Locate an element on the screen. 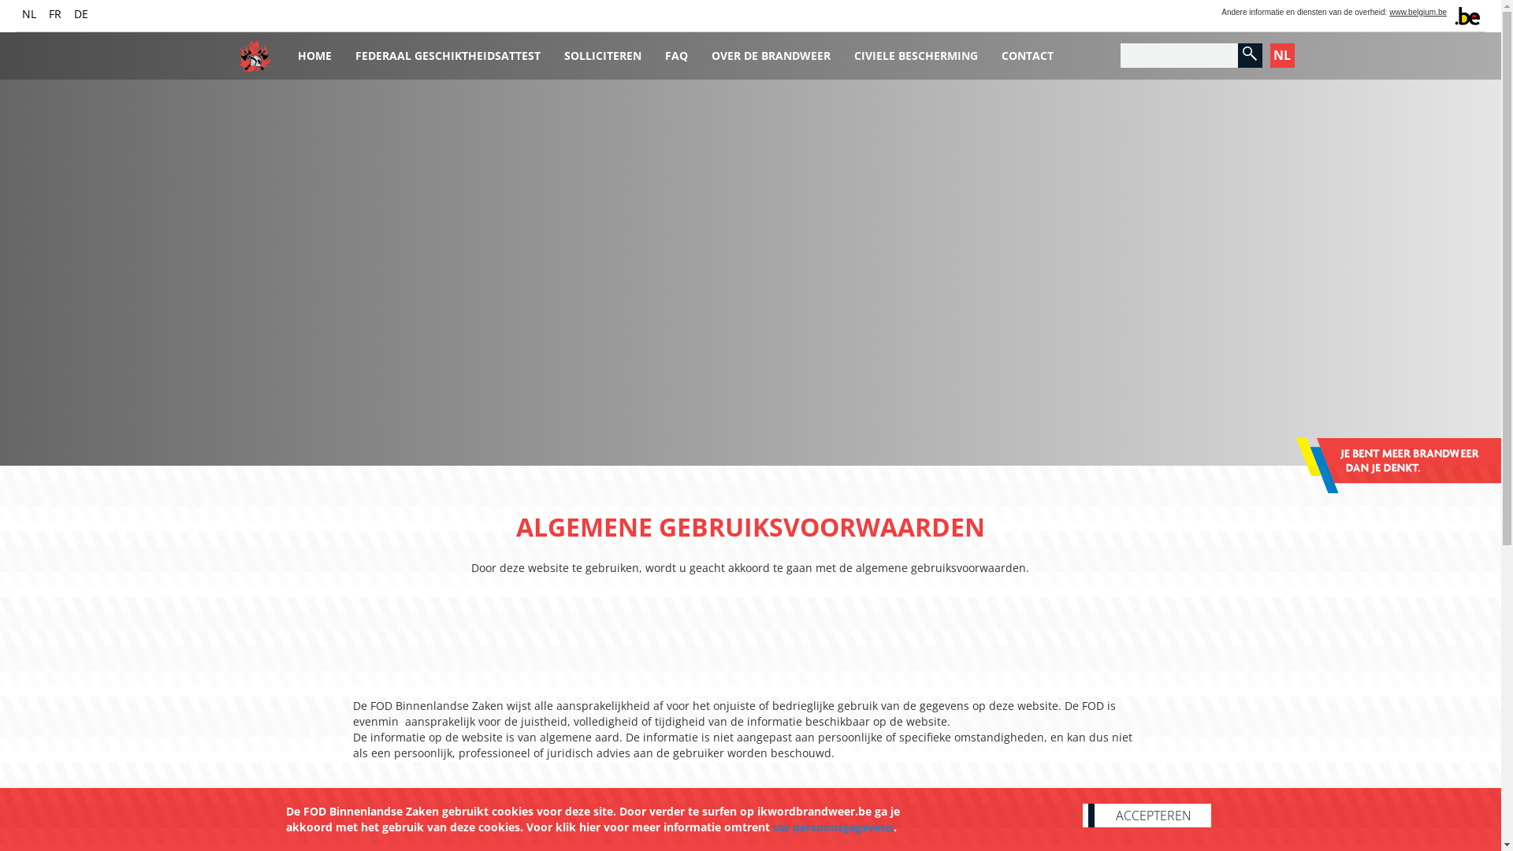  'FEDERAAL GESCHIKTHEIDSATTEST' is located at coordinates (447, 50).